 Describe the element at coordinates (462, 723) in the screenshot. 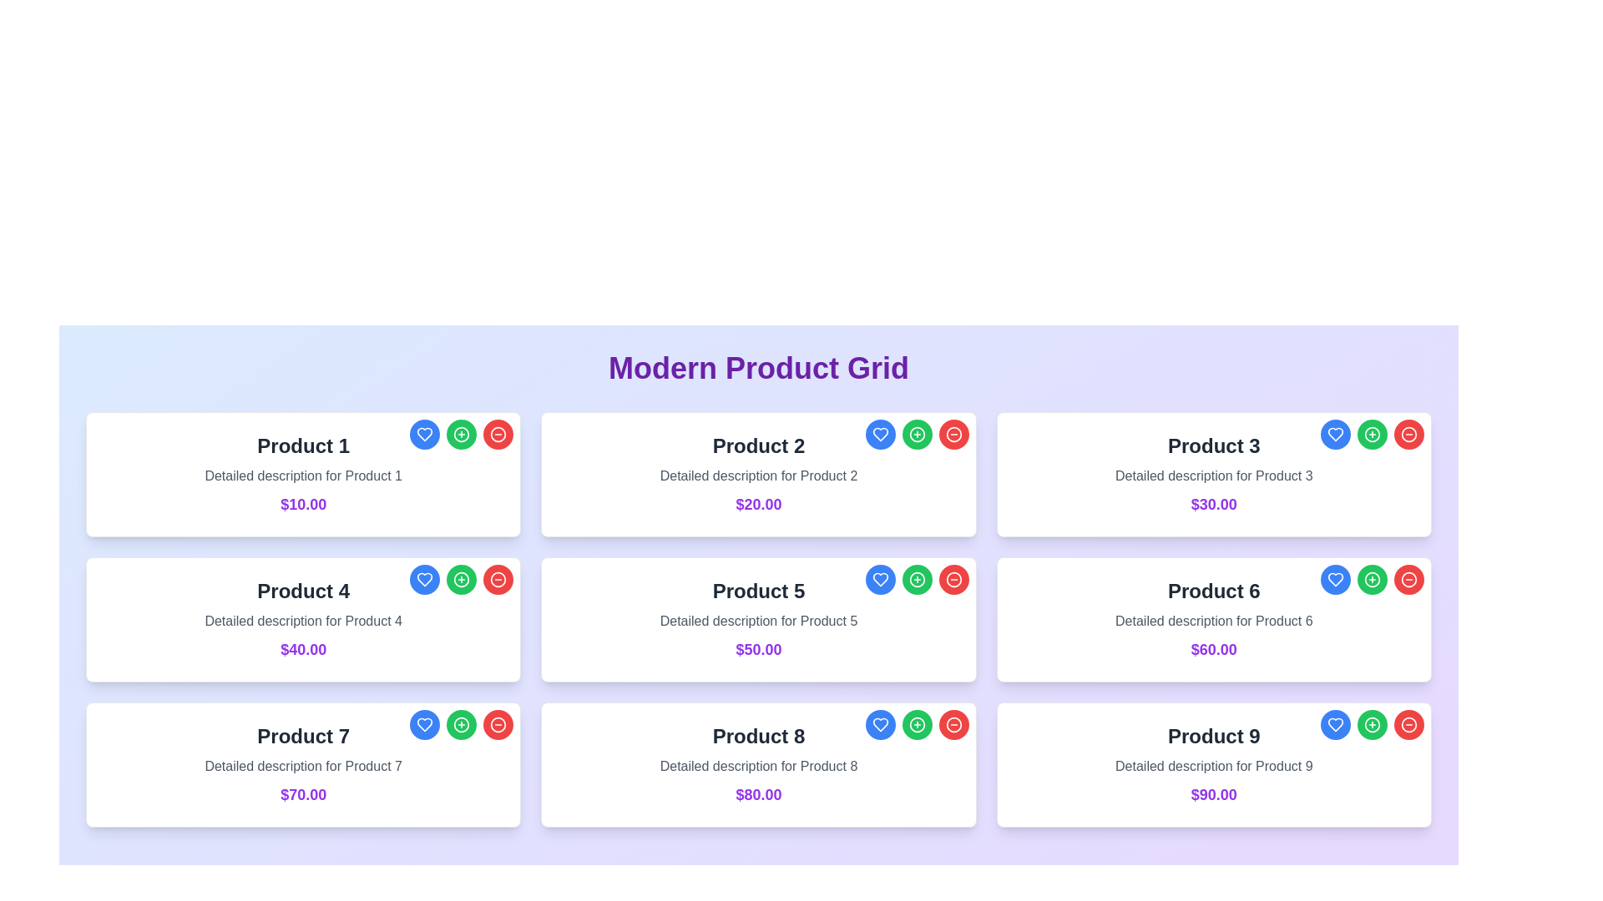

I see `the button icon that adds 'Product 7' to the cart, located in the top-right corner of the card` at that location.